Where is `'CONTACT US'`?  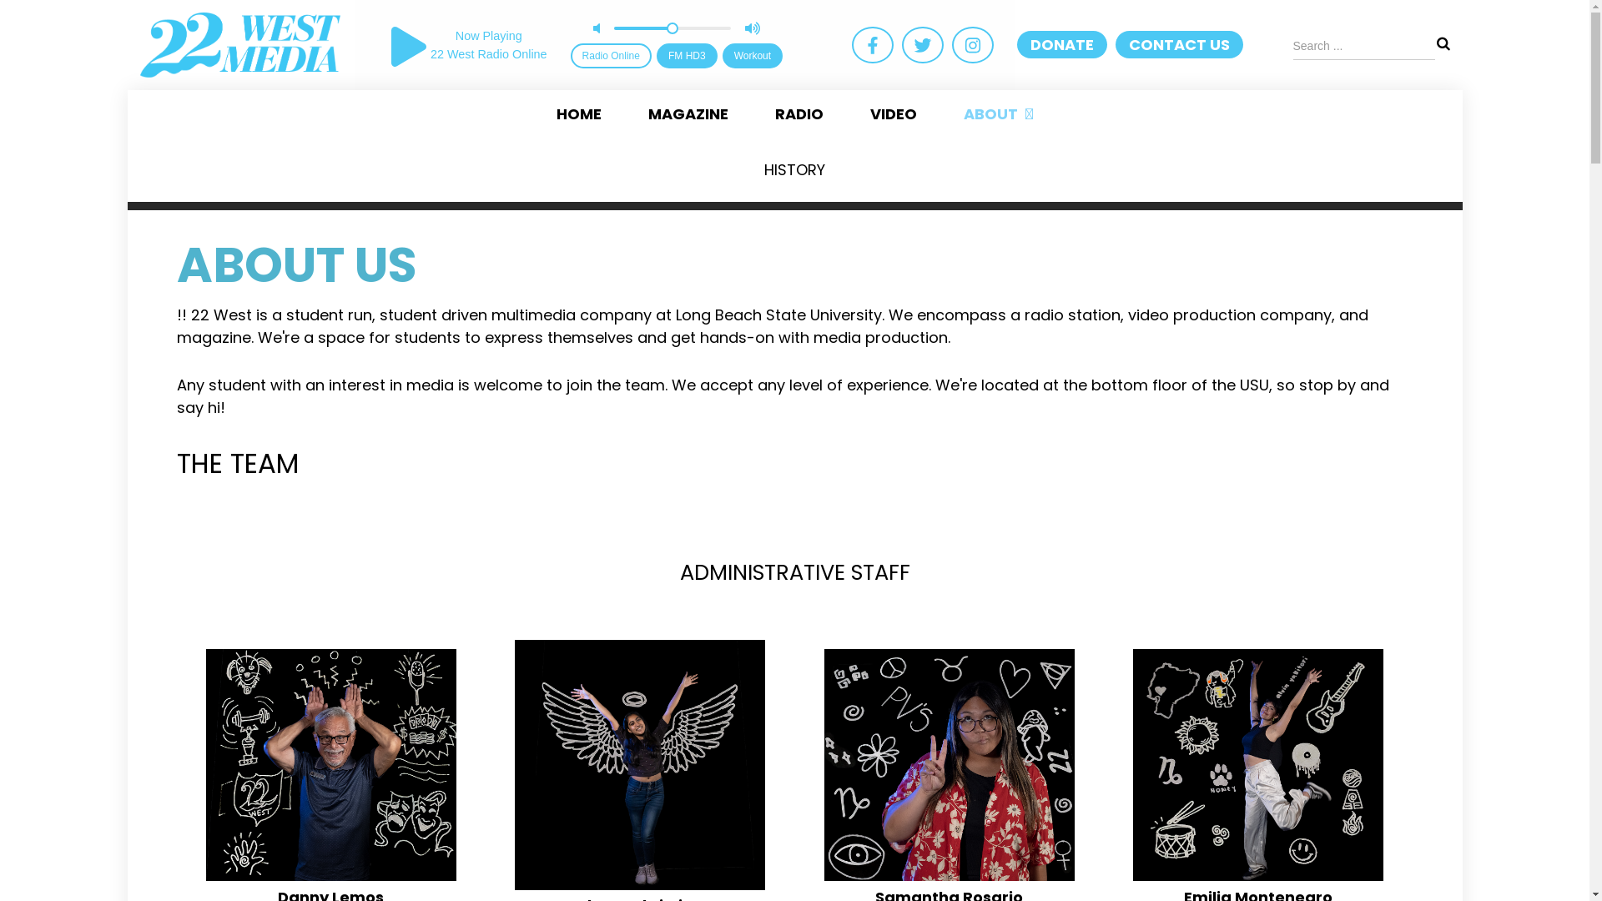 'CONTACT US' is located at coordinates (1178, 43).